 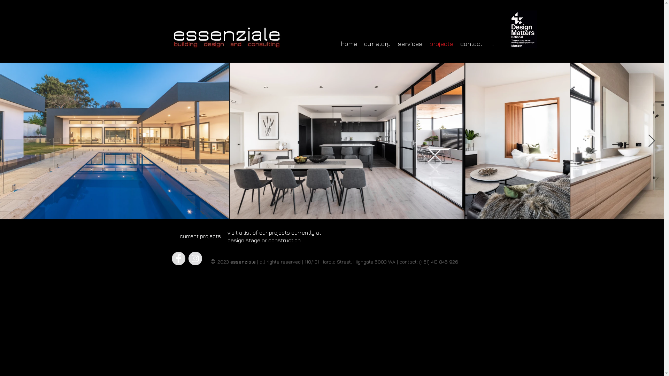 What do you see at coordinates (349, 44) in the screenshot?
I see `'home'` at bounding box center [349, 44].